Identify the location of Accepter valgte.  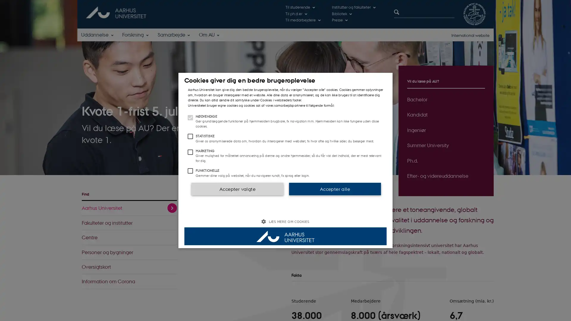
(237, 189).